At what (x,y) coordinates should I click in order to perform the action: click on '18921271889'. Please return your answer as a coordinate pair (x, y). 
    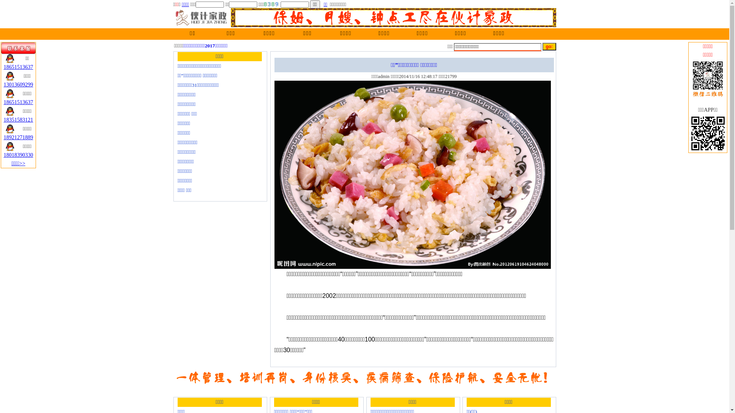
    Looking at the image, I should click on (18, 137).